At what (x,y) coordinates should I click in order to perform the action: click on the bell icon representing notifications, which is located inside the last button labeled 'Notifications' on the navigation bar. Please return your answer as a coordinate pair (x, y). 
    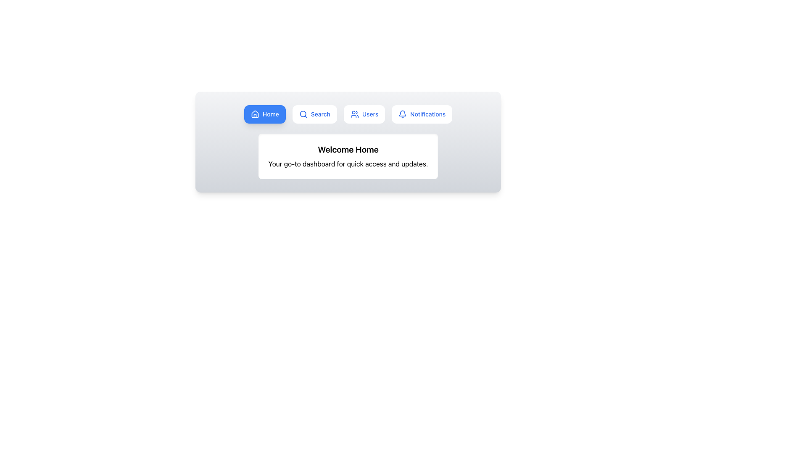
    Looking at the image, I should click on (402, 114).